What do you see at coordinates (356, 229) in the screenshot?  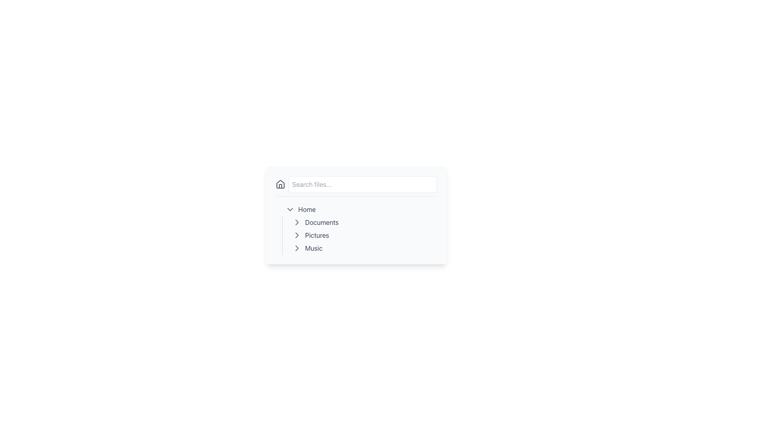 I see `the hierarchical list element located below the 'Search files' section` at bounding box center [356, 229].